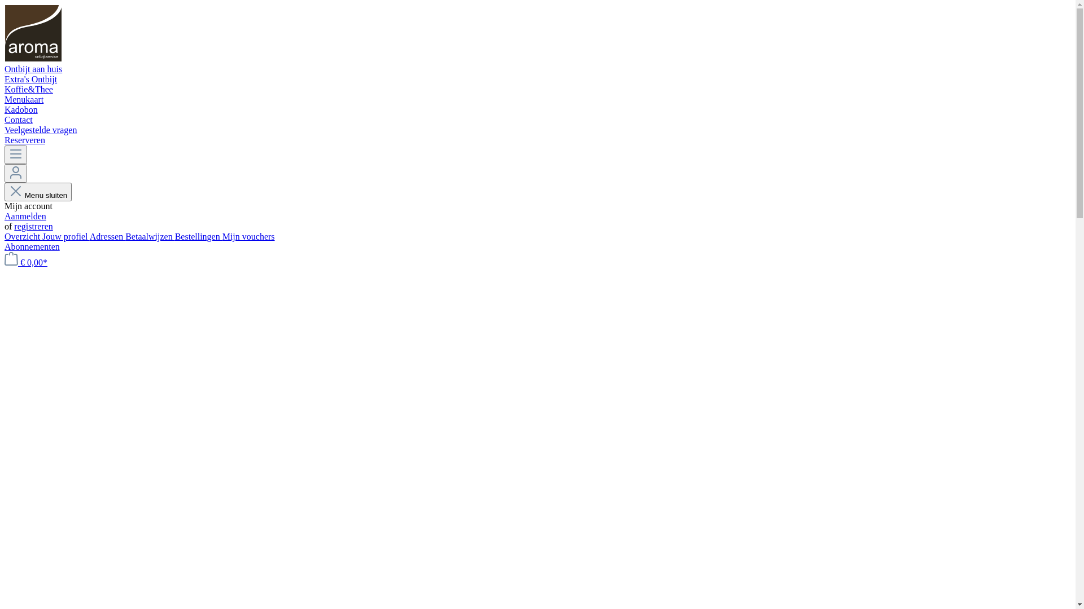 This screenshot has width=1084, height=609. Describe the element at coordinates (149, 236) in the screenshot. I see `'Betaalwijzen'` at that location.